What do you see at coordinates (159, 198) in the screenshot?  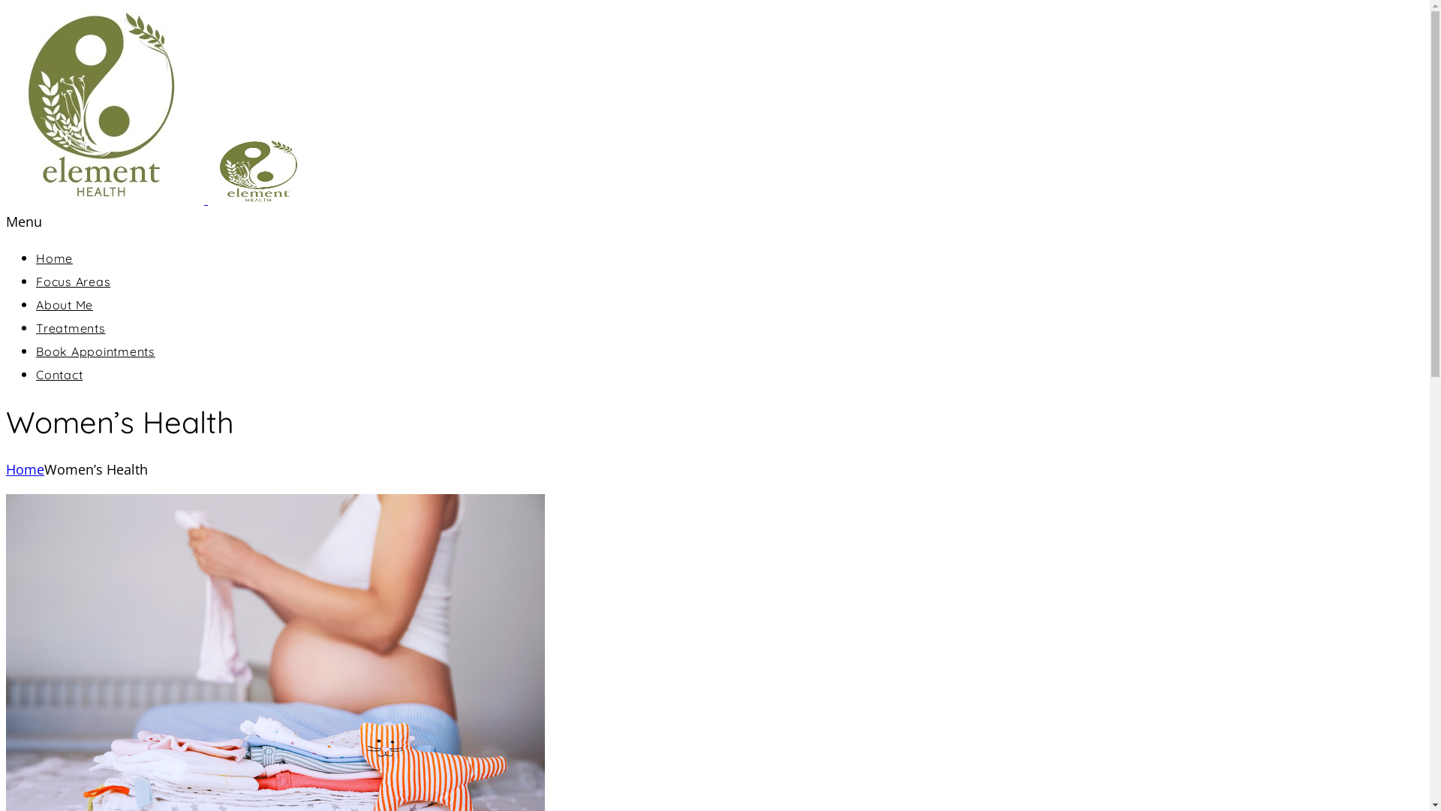 I see `'Element Health'` at bounding box center [159, 198].